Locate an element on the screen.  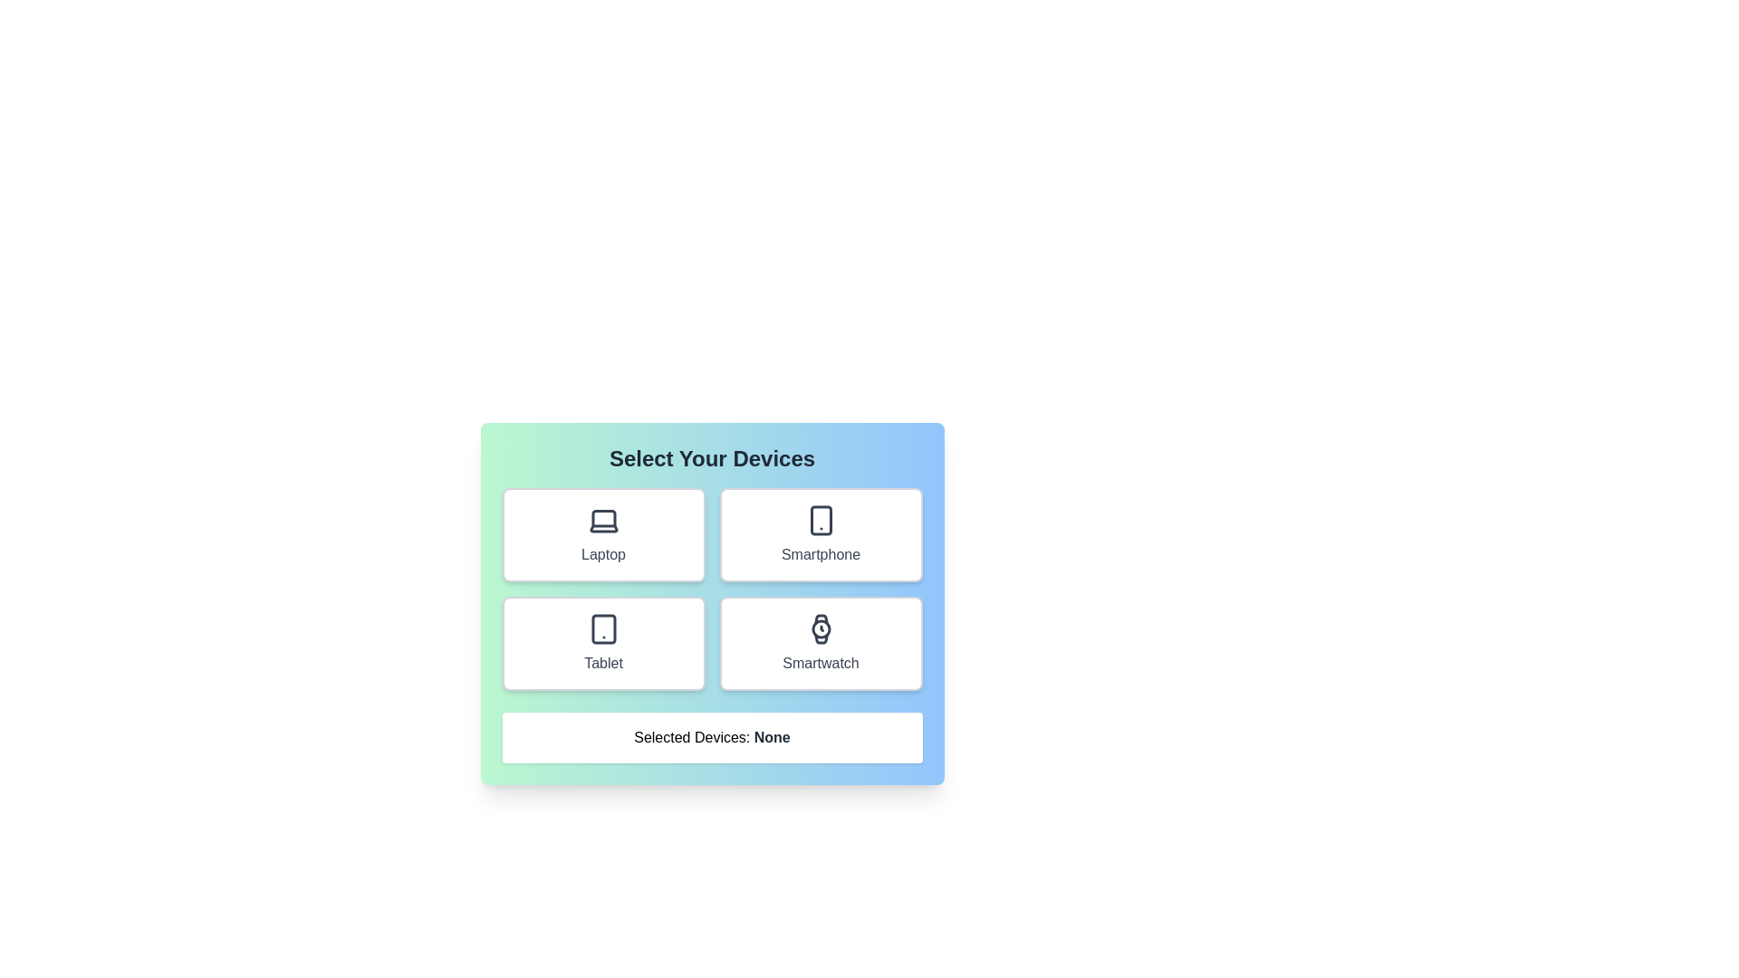
the Laptop button to toggle its selection is located at coordinates (603, 533).